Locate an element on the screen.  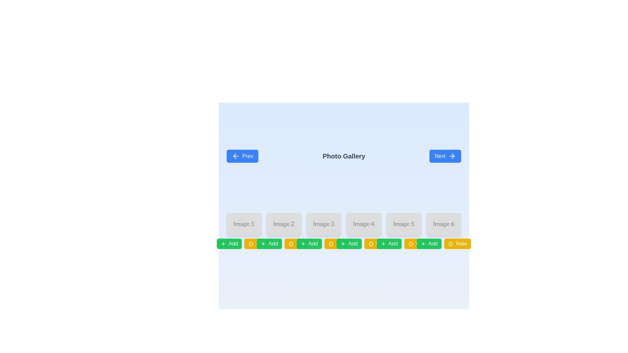
the 'Add' button with a green background, rounded corners, and white text is located at coordinates (349, 244).